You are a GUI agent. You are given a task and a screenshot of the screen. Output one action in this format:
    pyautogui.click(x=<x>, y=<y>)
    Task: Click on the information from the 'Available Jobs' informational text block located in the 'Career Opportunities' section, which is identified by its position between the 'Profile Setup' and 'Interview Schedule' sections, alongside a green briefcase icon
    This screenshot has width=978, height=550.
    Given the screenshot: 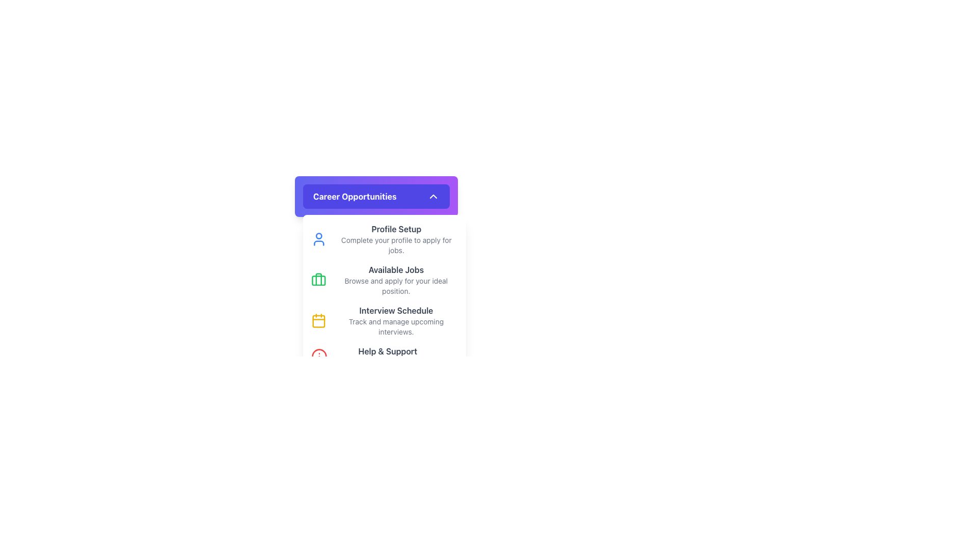 What is the action you would take?
    pyautogui.click(x=395, y=280)
    